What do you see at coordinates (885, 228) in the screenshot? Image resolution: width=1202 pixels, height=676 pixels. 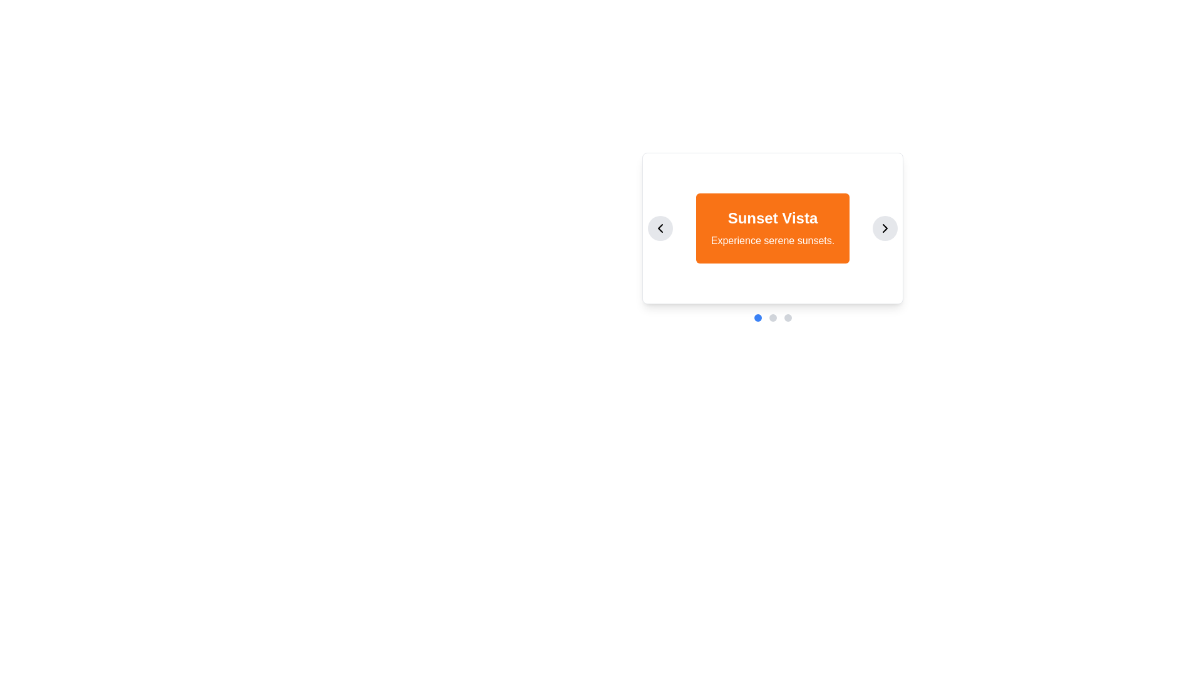 I see `the right-pointing Navigation icon represented by an arrow in the carousel UI component` at bounding box center [885, 228].